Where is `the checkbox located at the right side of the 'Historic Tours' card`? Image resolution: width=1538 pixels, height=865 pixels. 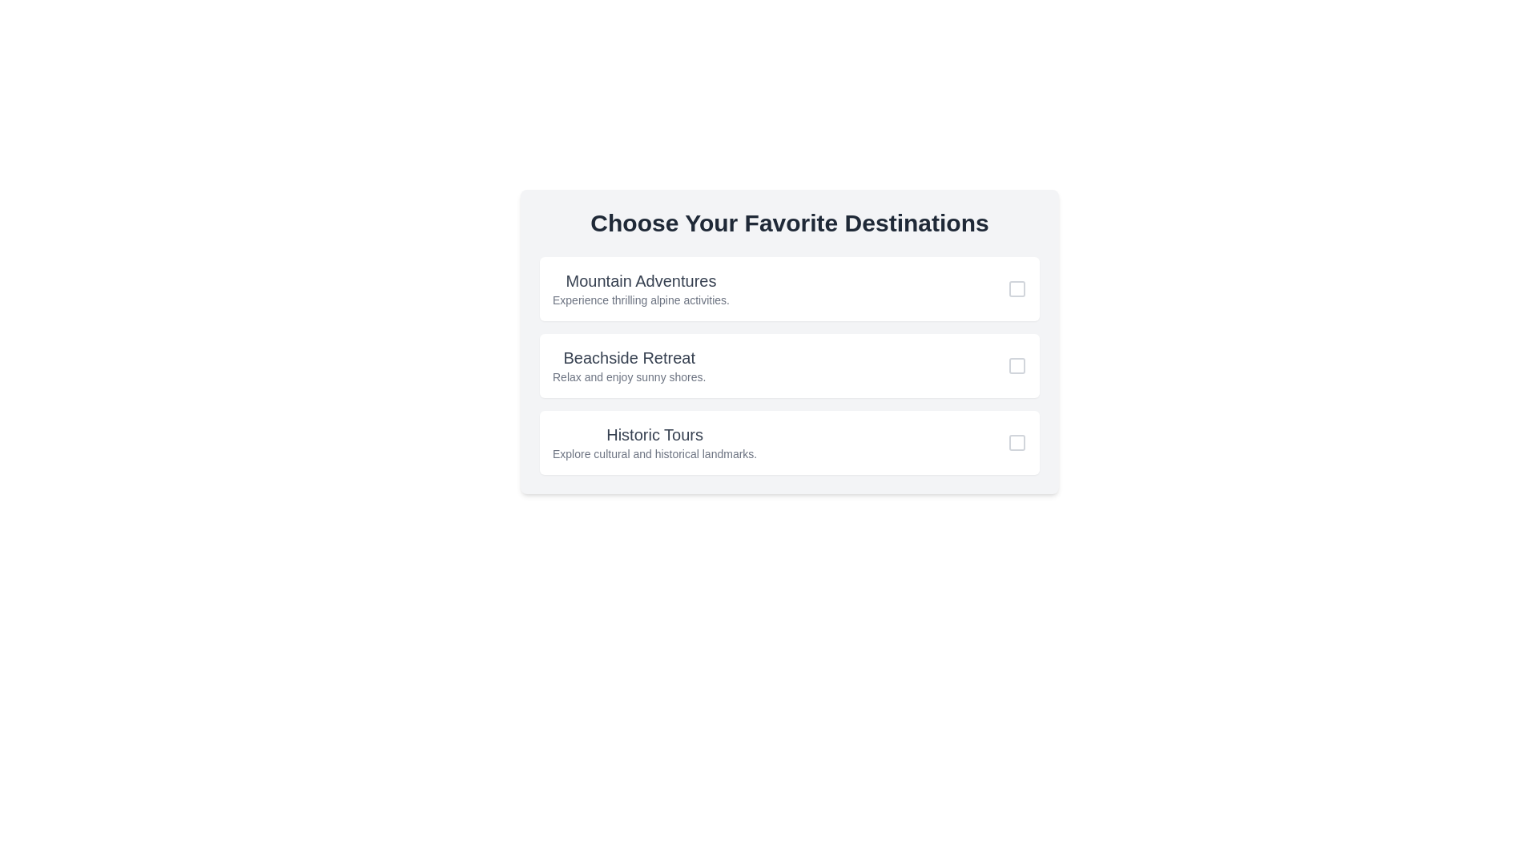
the checkbox located at the right side of the 'Historic Tours' card is located at coordinates (1017, 442).